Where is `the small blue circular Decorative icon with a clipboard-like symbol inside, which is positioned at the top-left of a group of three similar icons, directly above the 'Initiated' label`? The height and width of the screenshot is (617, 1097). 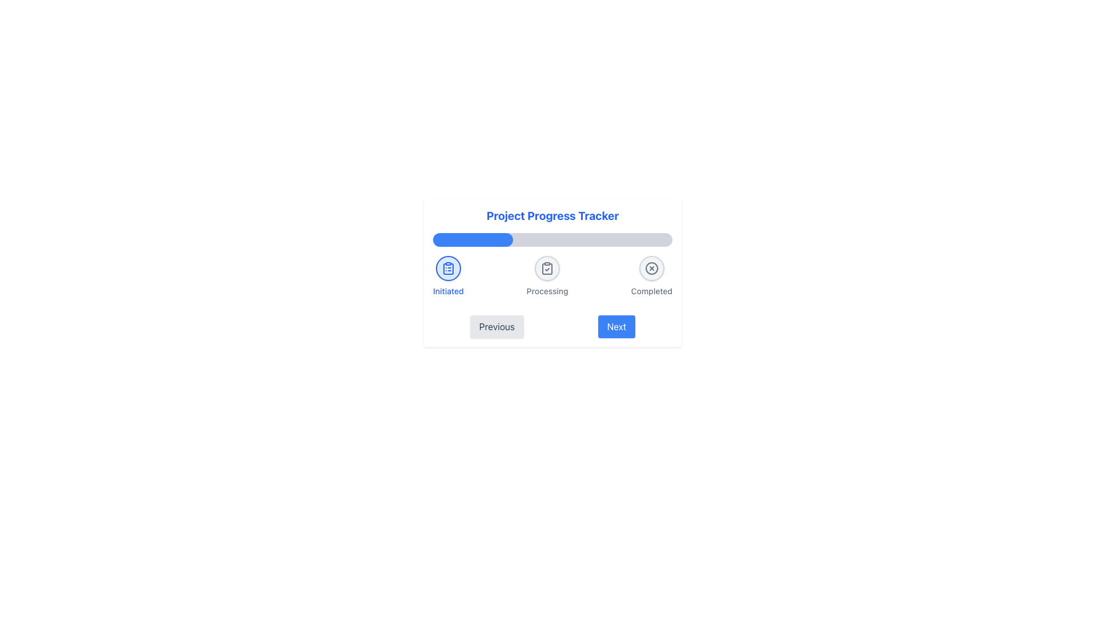 the small blue circular Decorative icon with a clipboard-like symbol inside, which is positioned at the top-left of a group of three similar icons, directly above the 'Initiated' label is located at coordinates (447, 269).